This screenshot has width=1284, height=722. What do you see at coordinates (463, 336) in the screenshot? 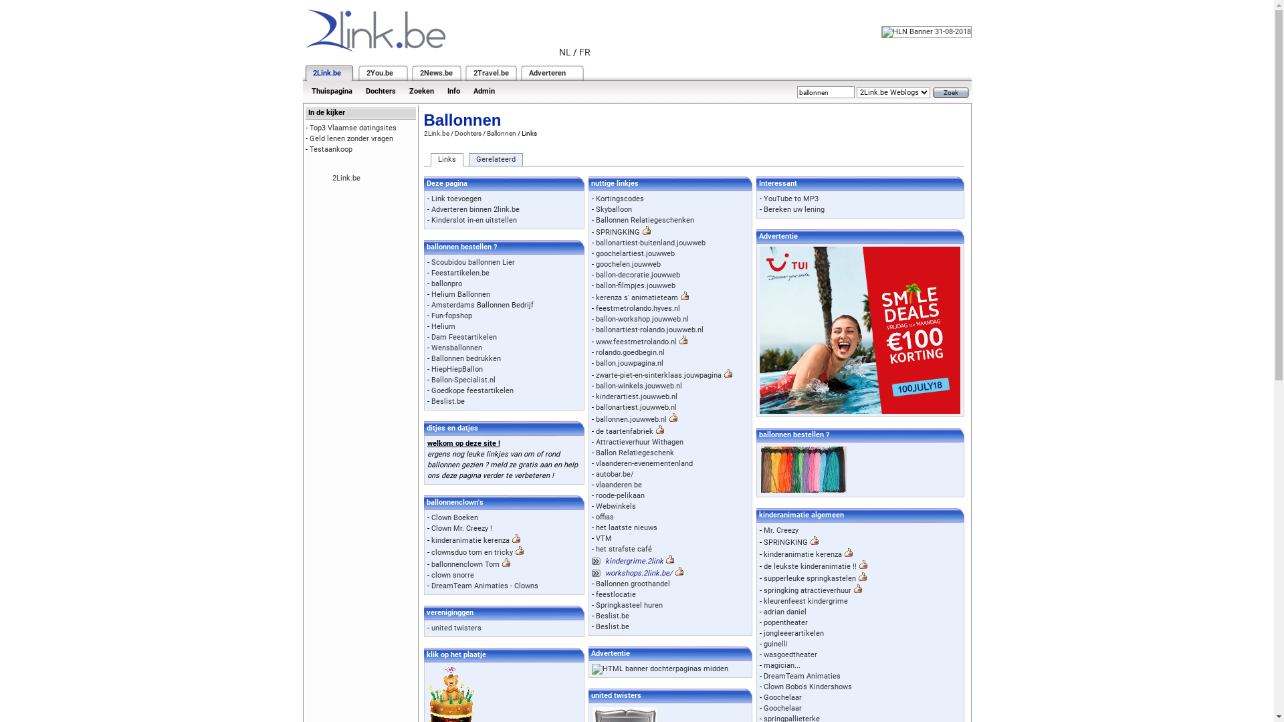
I see `'Dam Feestartikelen'` at bounding box center [463, 336].